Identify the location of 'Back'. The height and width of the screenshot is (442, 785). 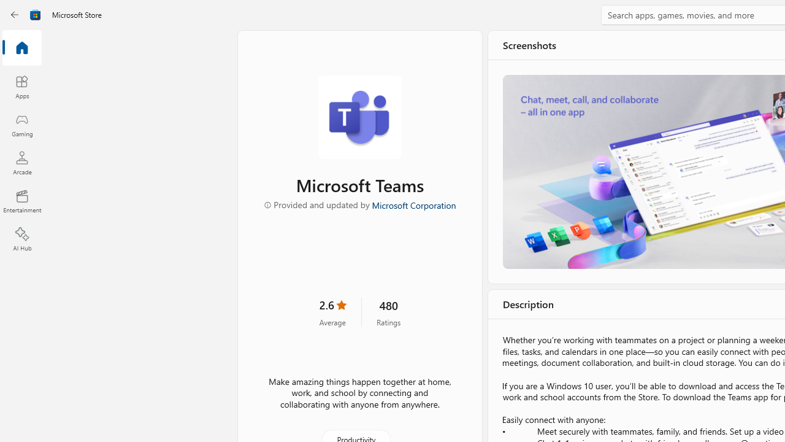
(15, 15).